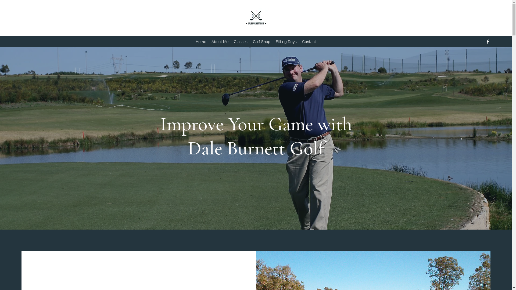  I want to click on 'Classes', so click(240, 41).